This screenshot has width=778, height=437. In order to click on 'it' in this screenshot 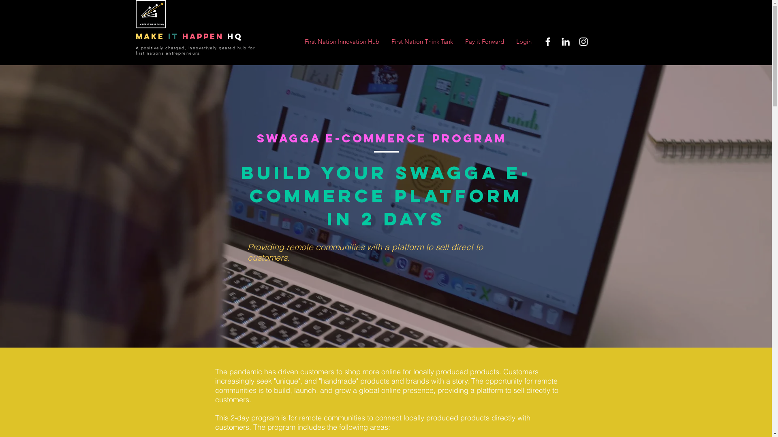, I will do `click(173, 36)`.